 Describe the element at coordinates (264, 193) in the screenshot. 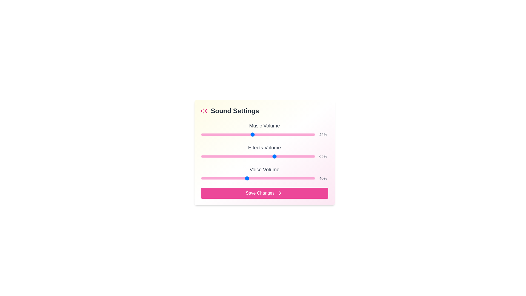

I see `'Save Changes' button` at that location.